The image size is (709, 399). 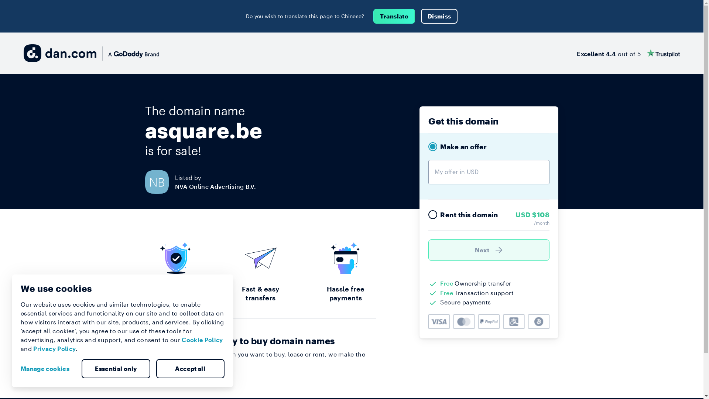 What do you see at coordinates (115, 369) in the screenshot?
I see `'Essential only'` at bounding box center [115, 369].